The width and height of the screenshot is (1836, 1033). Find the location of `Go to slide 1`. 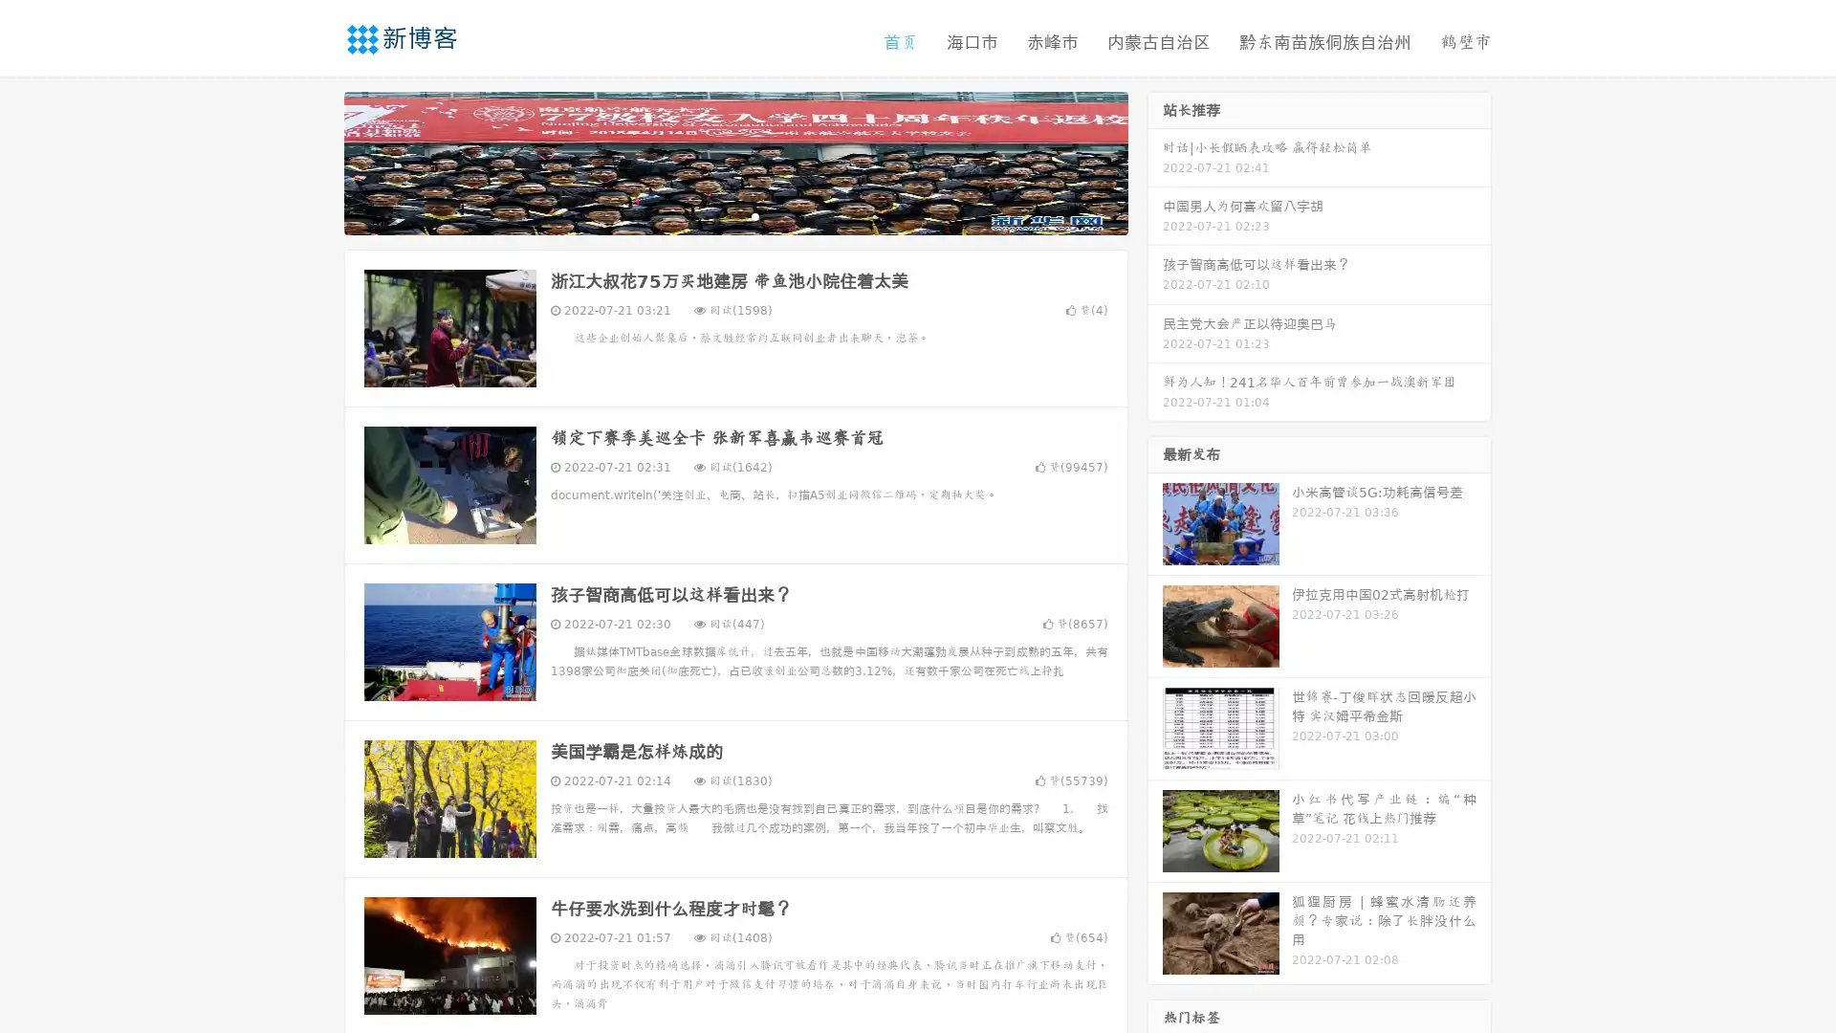

Go to slide 1 is located at coordinates (715, 215).